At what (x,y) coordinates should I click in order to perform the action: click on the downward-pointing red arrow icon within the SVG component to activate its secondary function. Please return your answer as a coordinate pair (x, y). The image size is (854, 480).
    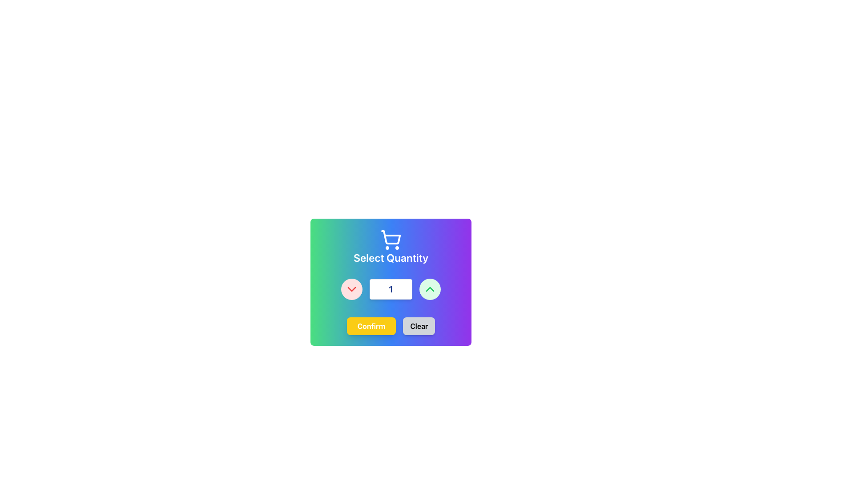
    Looking at the image, I should click on (351, 289).